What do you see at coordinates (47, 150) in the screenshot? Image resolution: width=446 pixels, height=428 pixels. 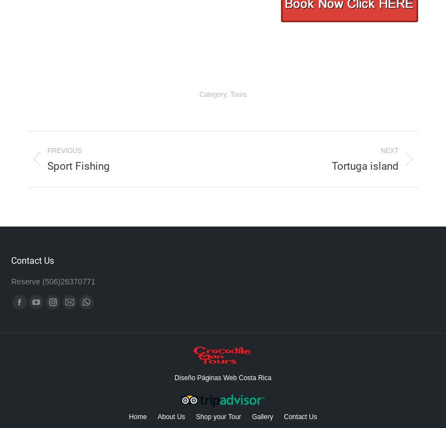 I see `'Previous'` at bounding box center [47, 150].